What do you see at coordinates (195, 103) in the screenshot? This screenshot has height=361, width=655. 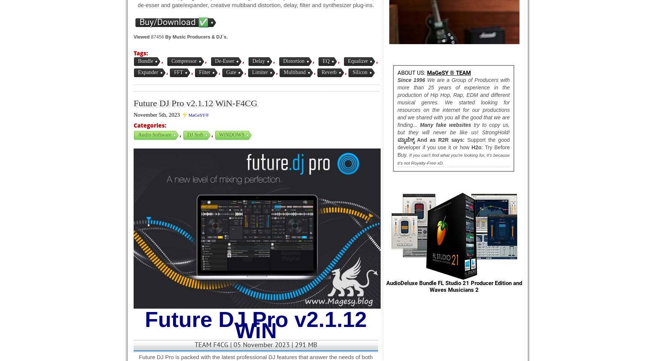 I see `'Future DJ Pro v2.1.12 WiN-F4CG'` at bounding box center [195, 103].